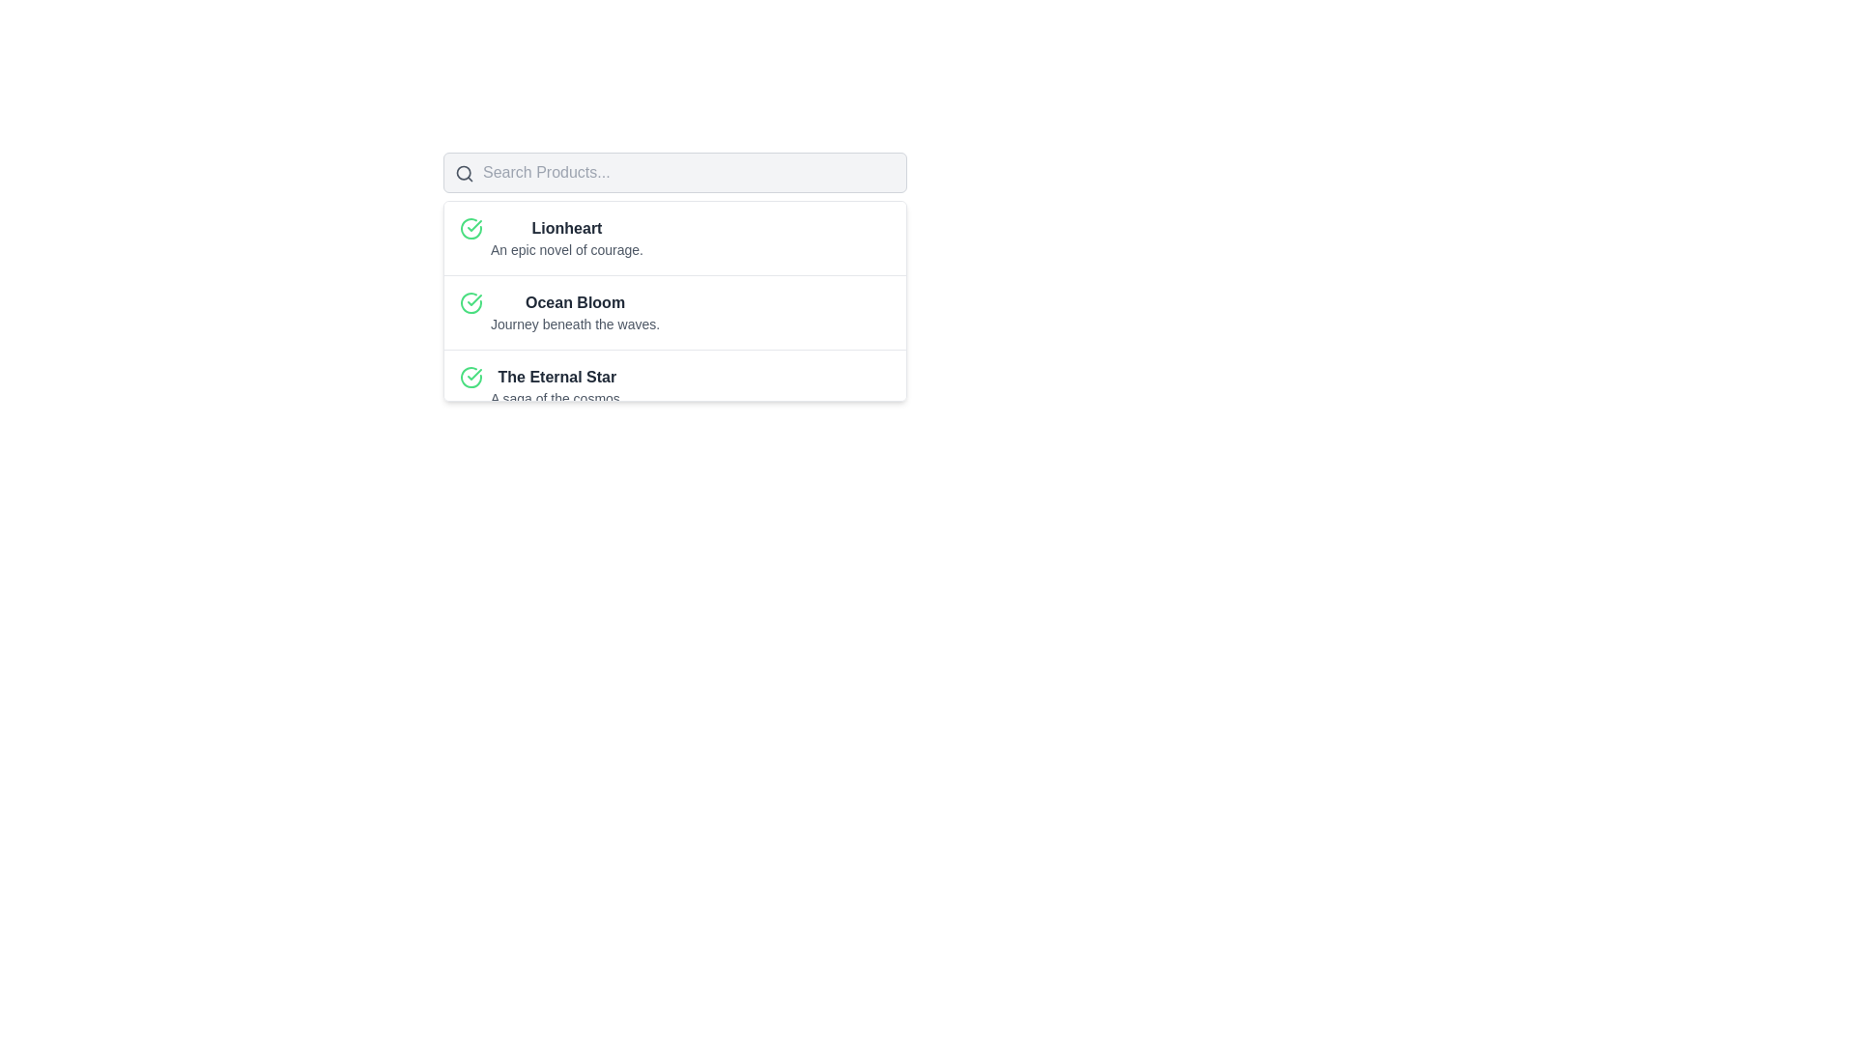 The width and height of the screenshot is (1855, 1043). I want to click on the inner circle of the magnifying glass icon, which is a decorative SVG component indicating search functionality in the search bar, so click(464, 172).